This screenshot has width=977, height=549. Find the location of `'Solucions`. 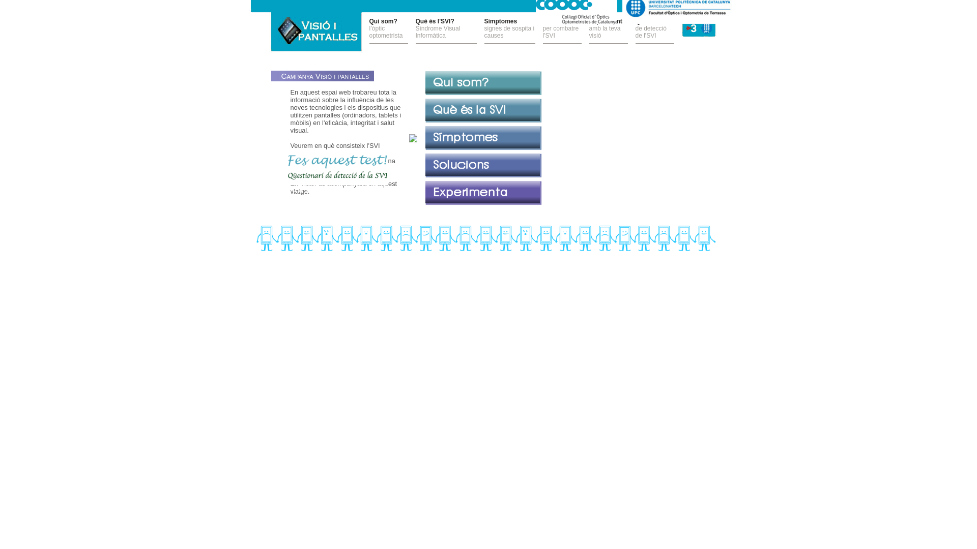

'Solucions is located at coordinates (561, 30).